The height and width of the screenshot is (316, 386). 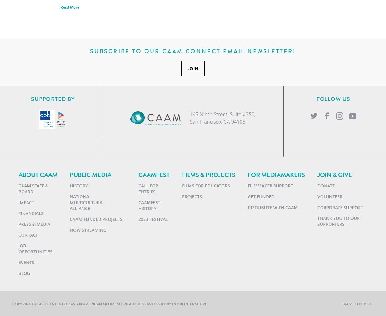 I want to click on 'Blog', so click(x=24, y=273).